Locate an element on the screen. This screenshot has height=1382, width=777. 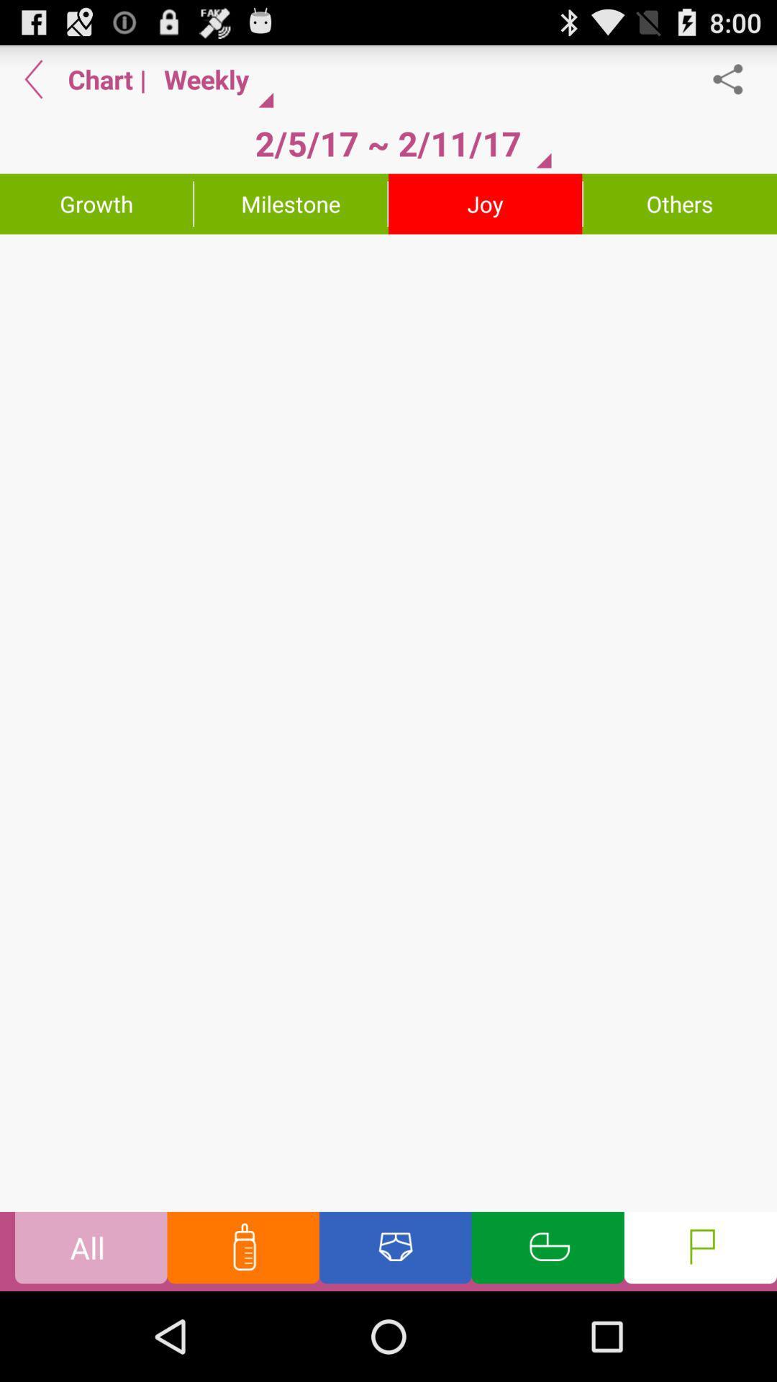
milestone icon is located at coordinates (291, 203).